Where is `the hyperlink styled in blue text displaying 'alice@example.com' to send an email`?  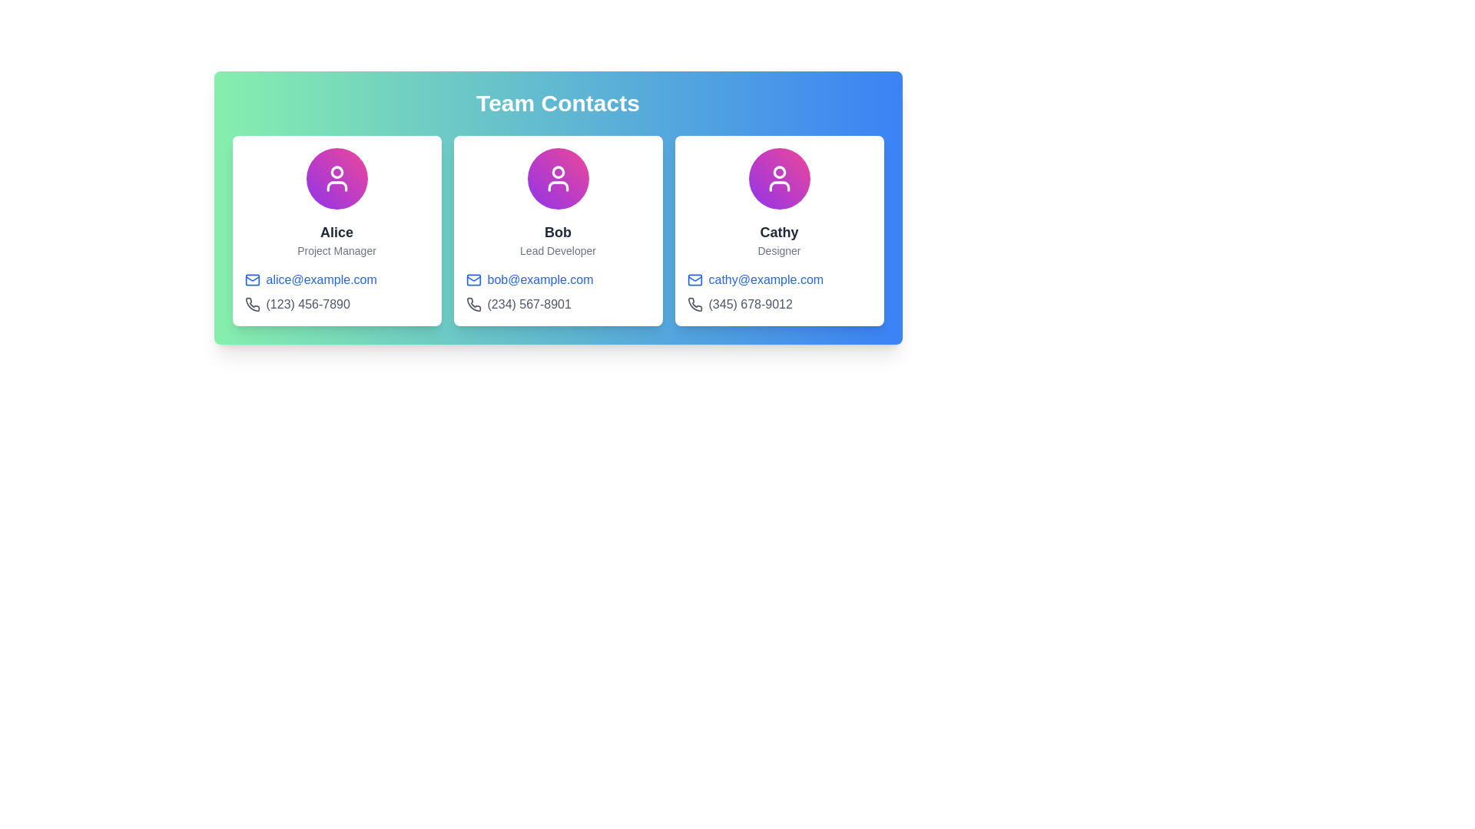
the hyperlink styled in blue text displaying 'alice@example.com' to send an email is located at coordinates (336, 280).